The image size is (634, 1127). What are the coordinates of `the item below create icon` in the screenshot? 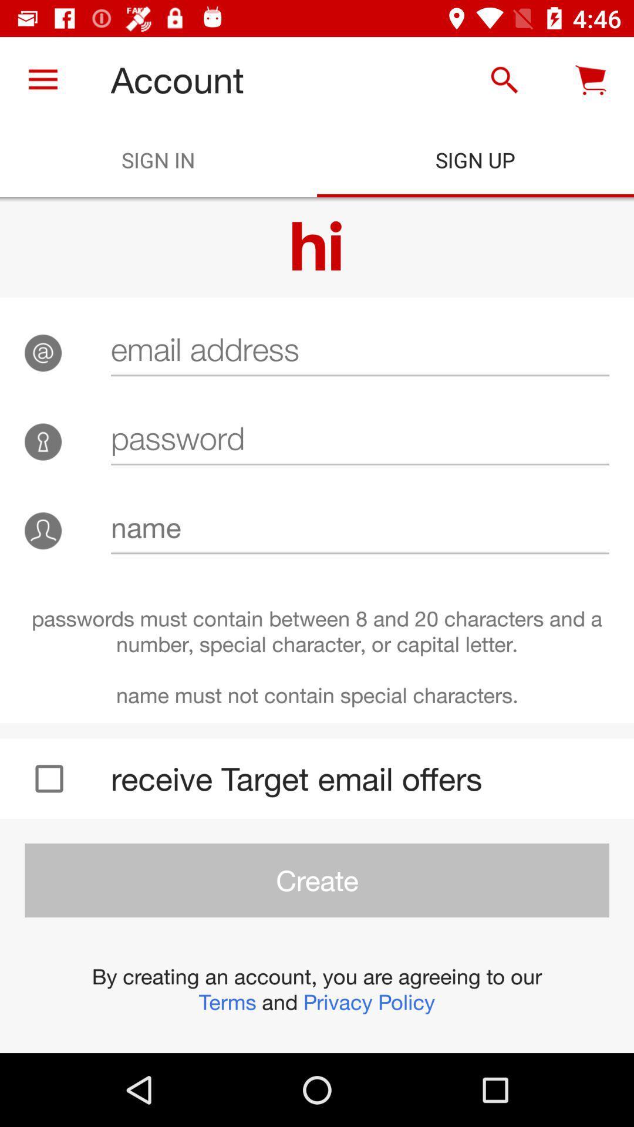 It's located at (317, 988).